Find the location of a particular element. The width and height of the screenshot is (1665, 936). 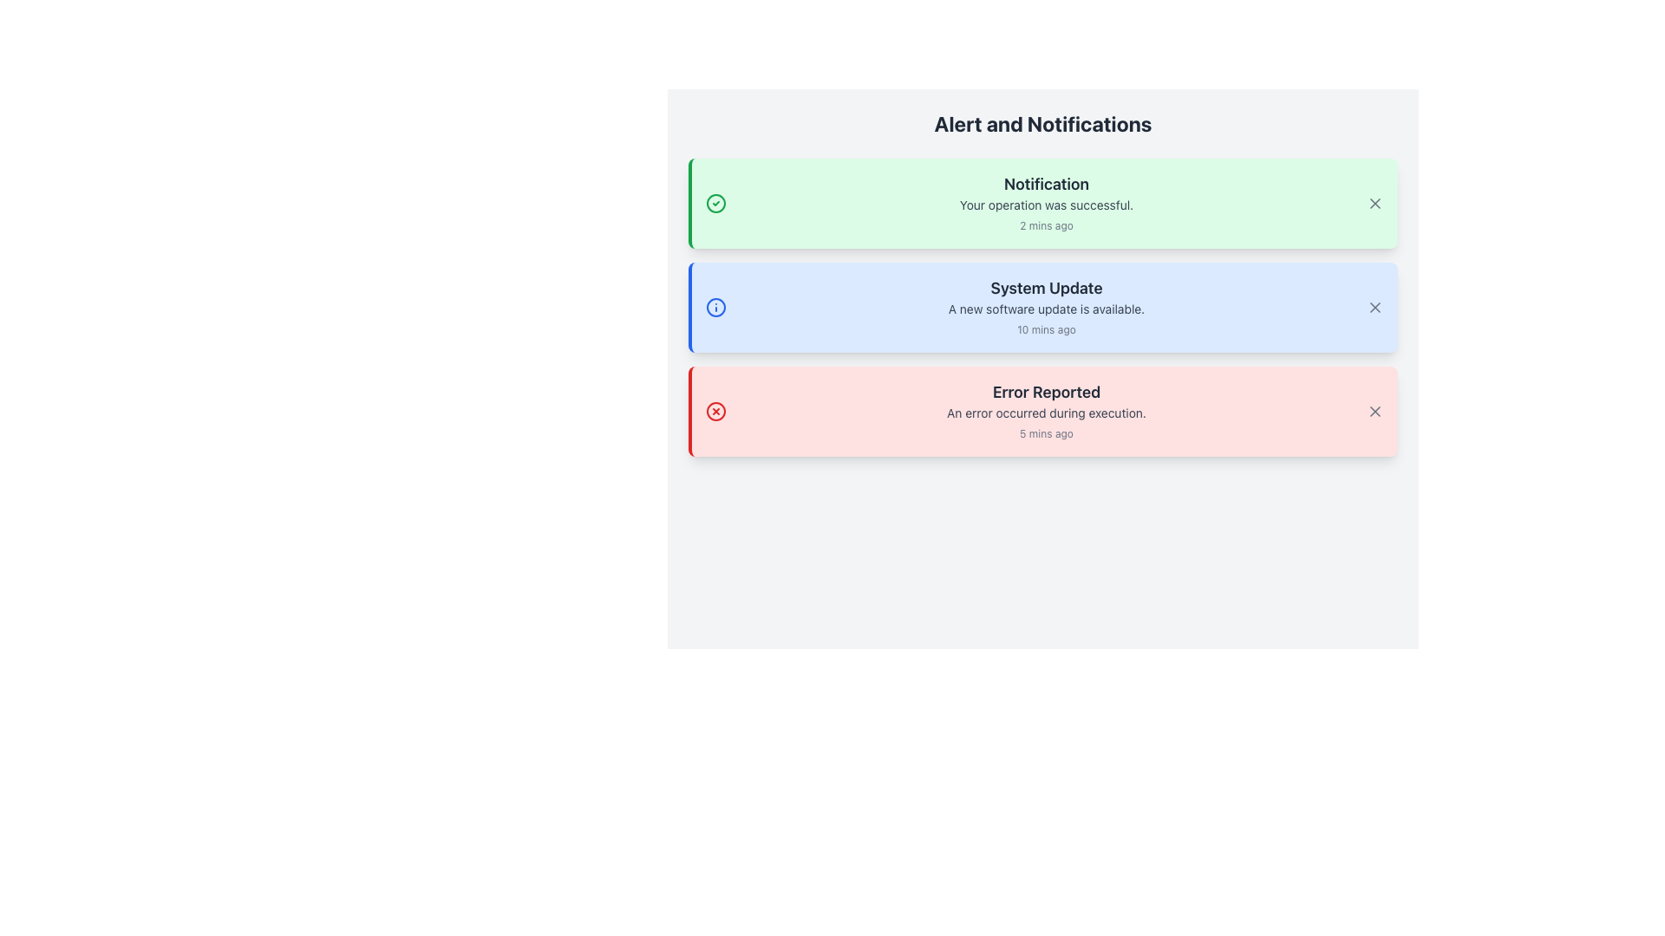

the static error message text element located below the 'Error Reported' text in the third notification of the vertically stacked group of notifications is located at coordinates (1045, 413).